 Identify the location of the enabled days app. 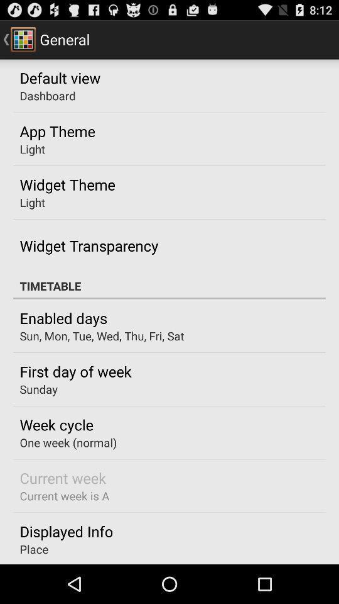
(63, 317).